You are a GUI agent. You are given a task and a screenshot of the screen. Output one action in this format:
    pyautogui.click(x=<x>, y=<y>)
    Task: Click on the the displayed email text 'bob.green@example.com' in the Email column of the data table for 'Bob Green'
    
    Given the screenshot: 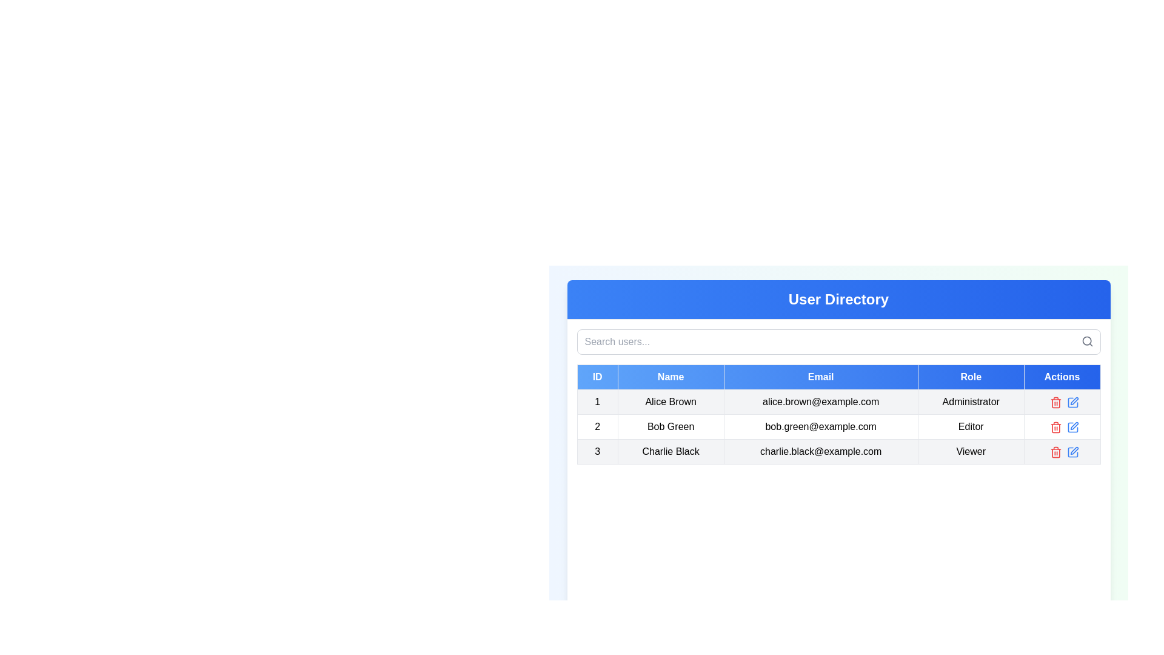 What is the action you would take?
    pyautogui.click(x=821, y=426)
    